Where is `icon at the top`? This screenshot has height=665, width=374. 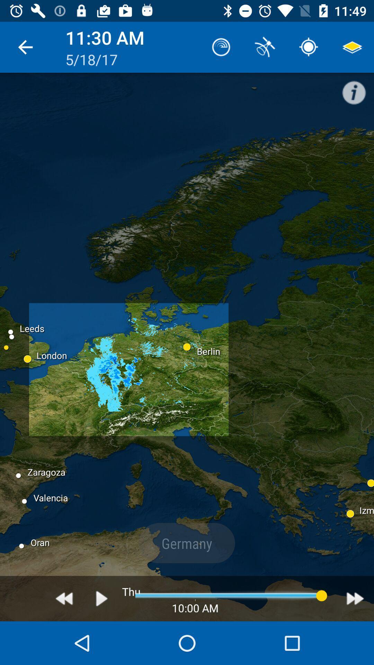 icon at the top is located at coordinates (221, 47).